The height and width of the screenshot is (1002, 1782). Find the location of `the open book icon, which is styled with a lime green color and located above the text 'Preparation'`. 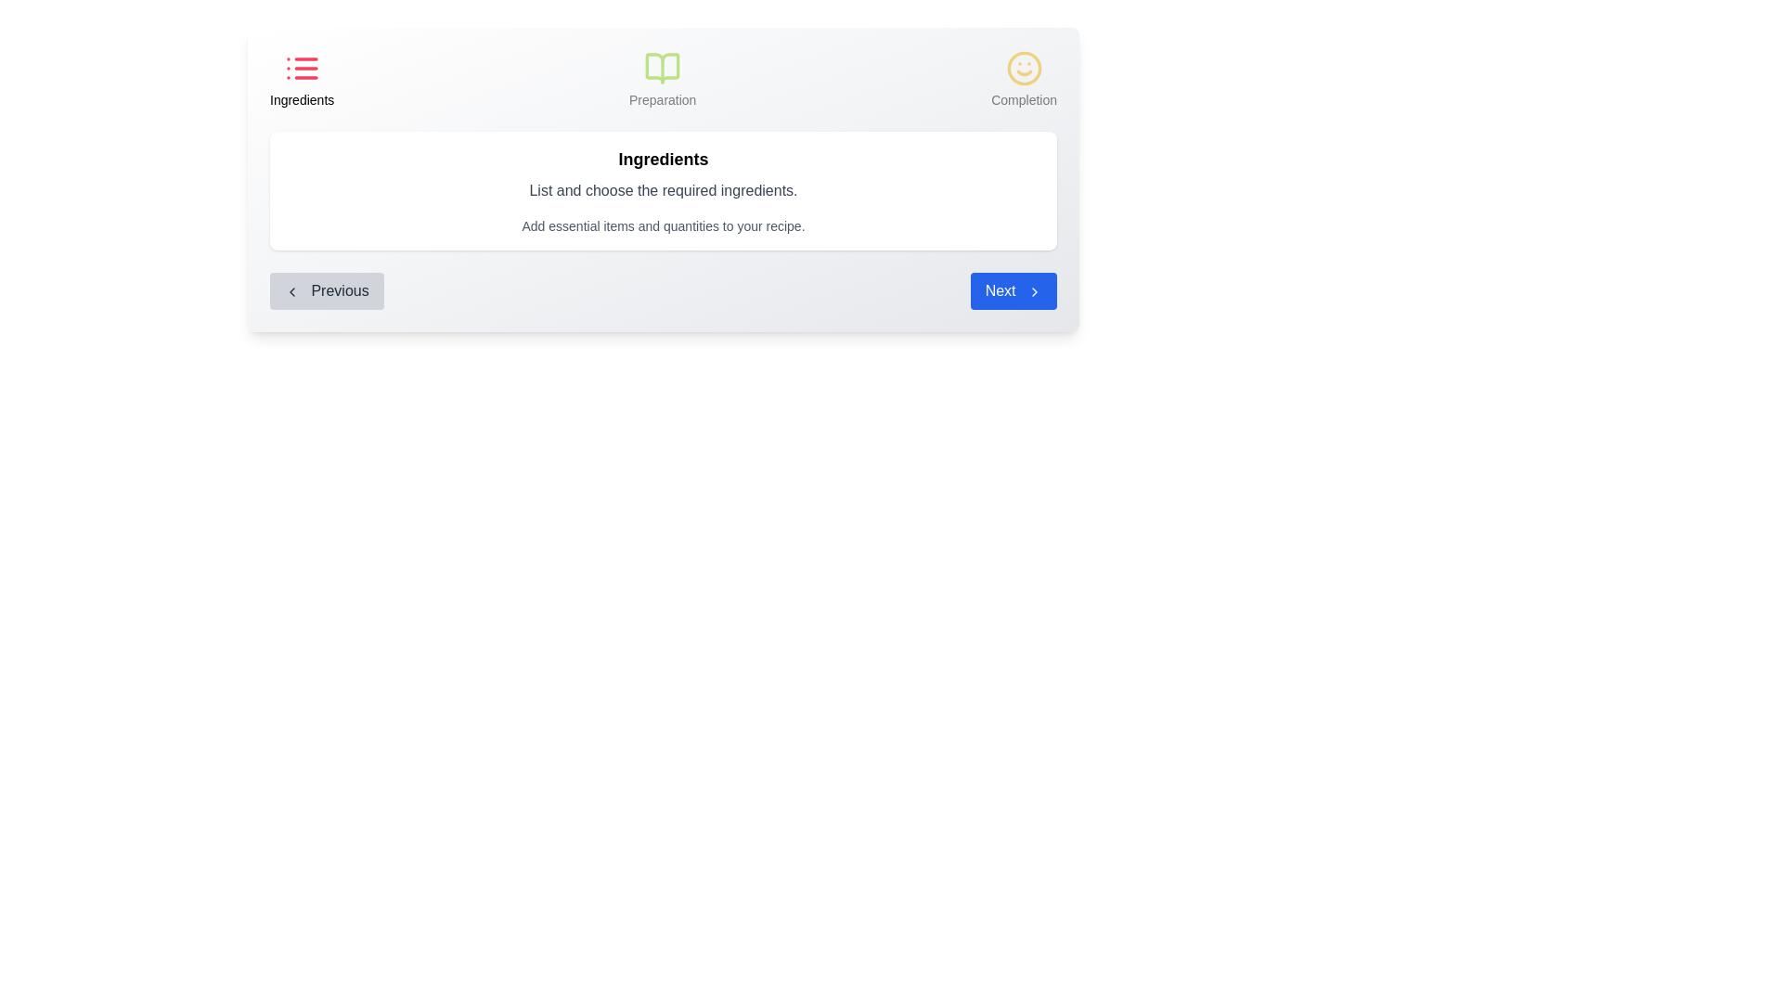

the open book icon, which is styled with a lime green color and located above the text 'Preparation' is located at coordinates (663, 67).